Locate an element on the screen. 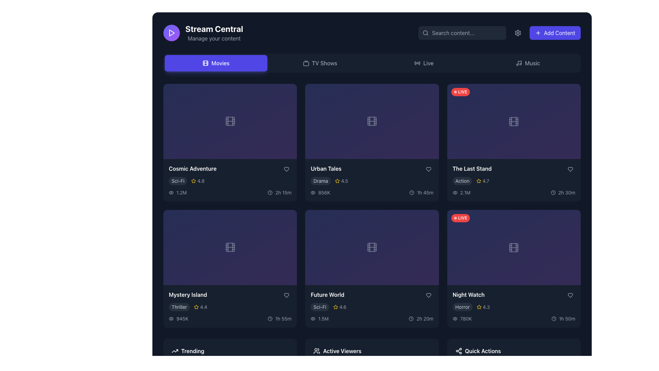  displayed view count from the text label located in the bottom-left portion of the 'Cosmic Adventure' card, which shows '1.2M' views is located at coordinates (178, 192).